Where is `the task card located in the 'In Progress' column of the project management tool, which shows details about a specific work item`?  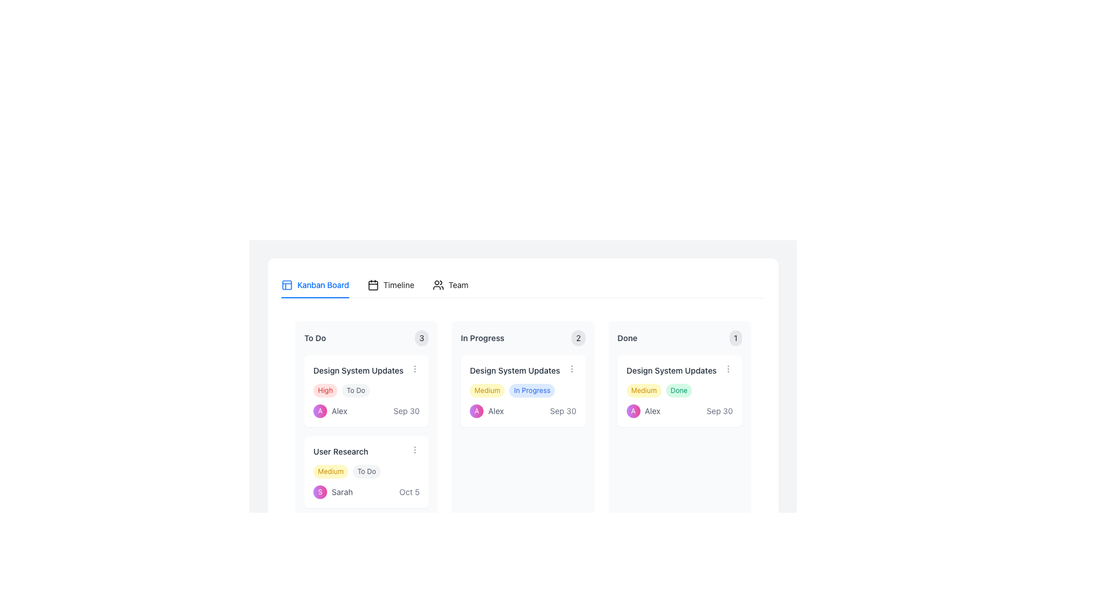
the task card located in the 'In Progress' column of the project management tool, which shows details about a specific work item is located at coordinates (522, 424).